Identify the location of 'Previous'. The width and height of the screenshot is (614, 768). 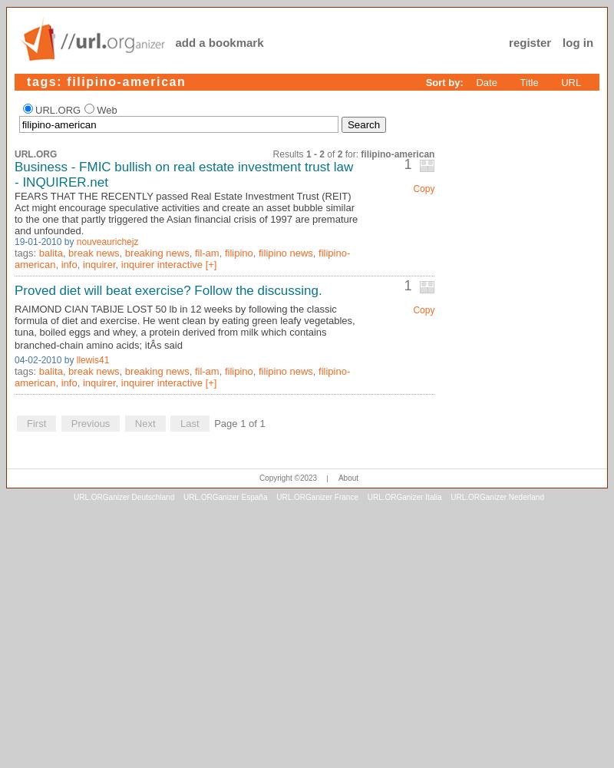
(89, 422).